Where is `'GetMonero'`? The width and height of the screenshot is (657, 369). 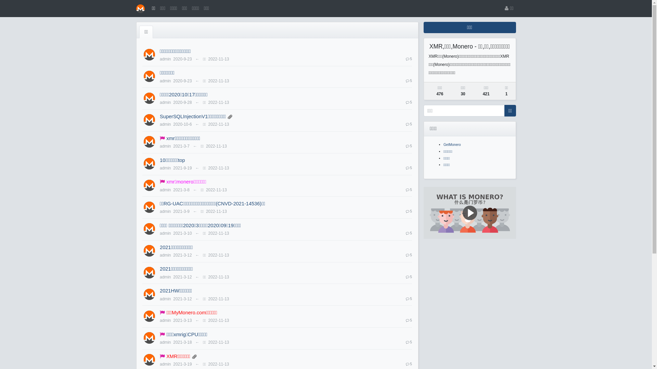
'GetMonero' is located at coordinates (452, 144).